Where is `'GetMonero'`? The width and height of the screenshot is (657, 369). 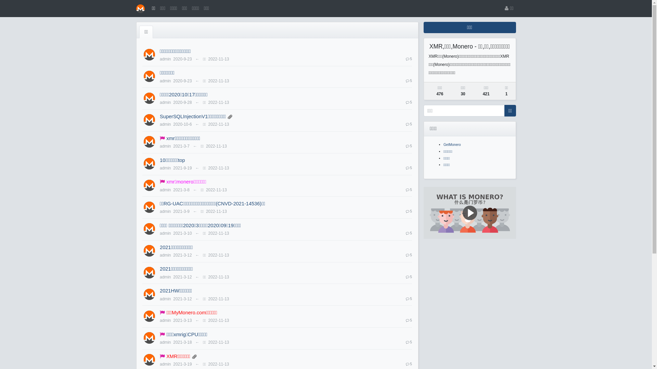
'GetMonero' is located at coordinates (452, 144).